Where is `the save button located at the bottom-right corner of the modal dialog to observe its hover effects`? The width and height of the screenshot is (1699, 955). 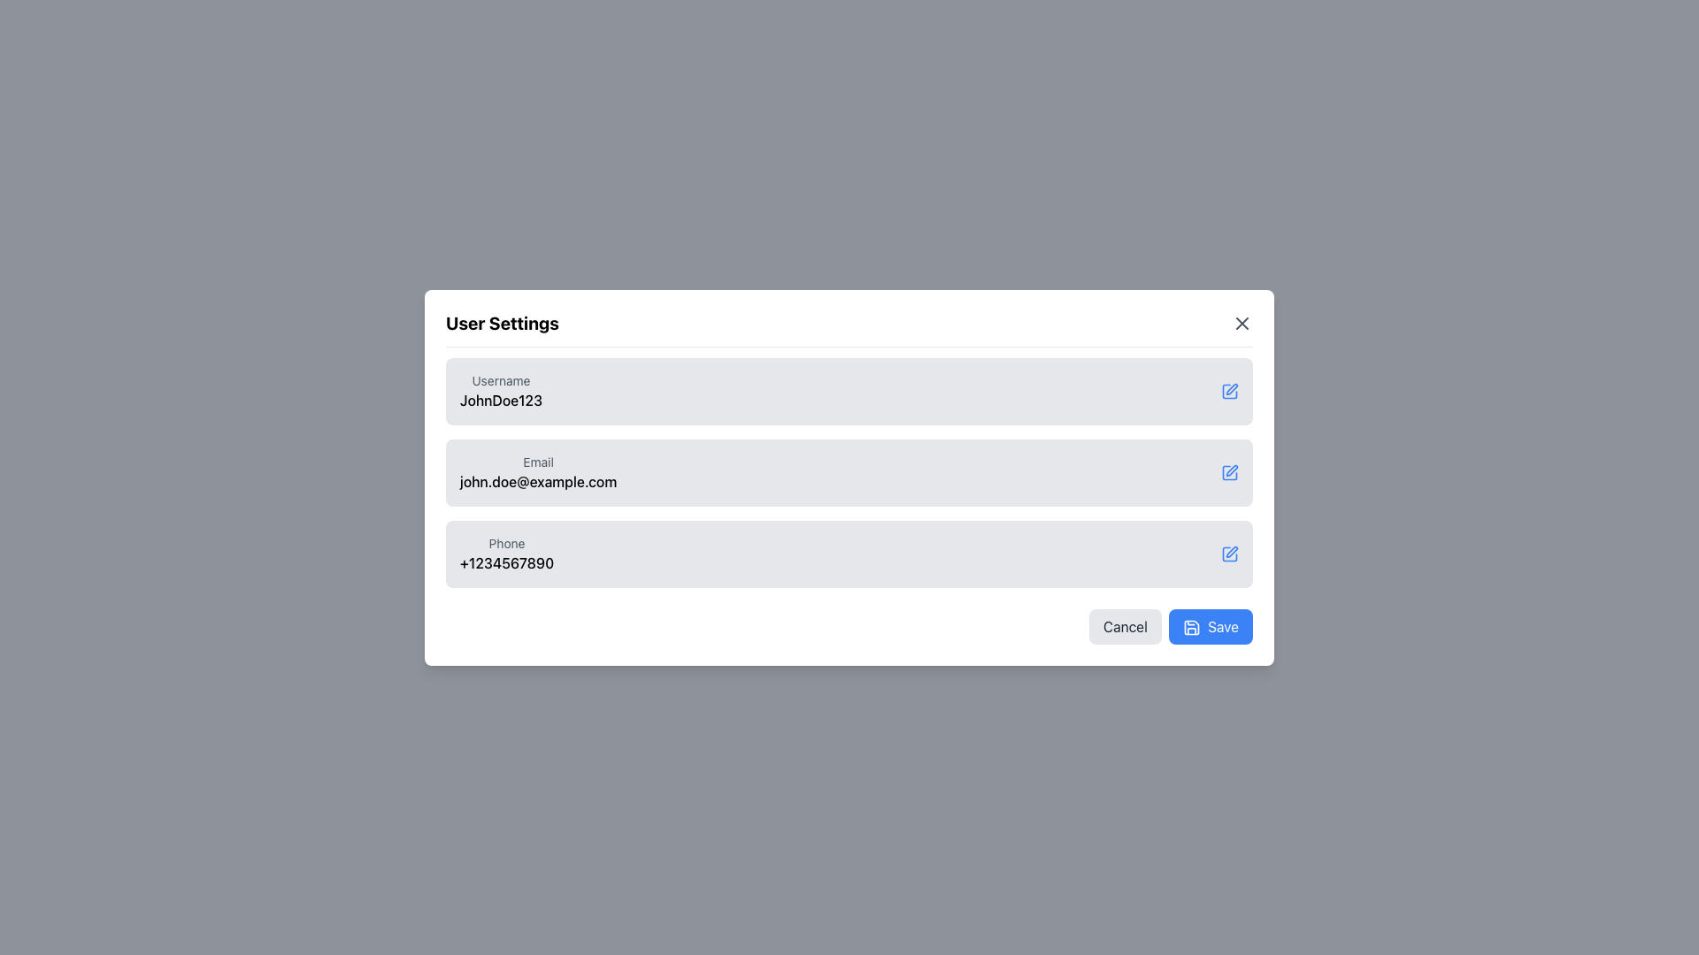 the save button located at the bottom-right corner of the modal dialog to observe its hover effects is located at coordinates (1210, 625).